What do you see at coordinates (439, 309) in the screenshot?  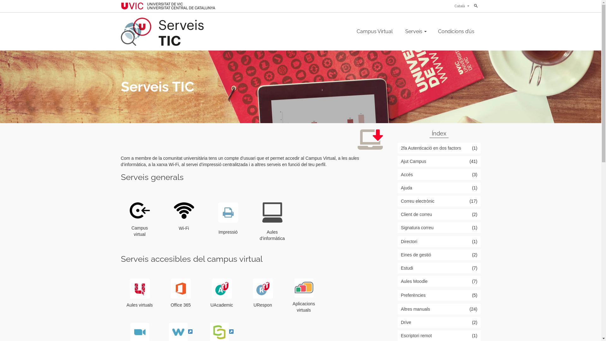 I see `'Altres manuals'` at bounding box center [439, 309].